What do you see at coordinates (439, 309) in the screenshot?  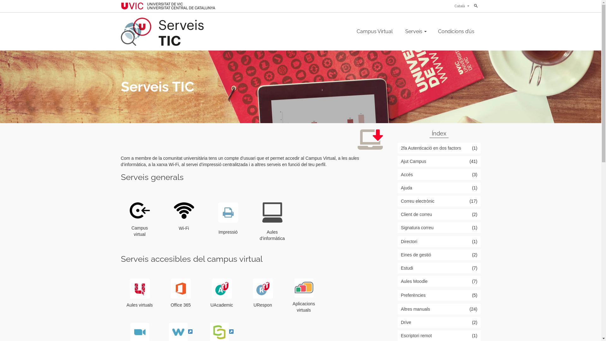 I see `'Altres manuals'` at bounding box center [439, 309].